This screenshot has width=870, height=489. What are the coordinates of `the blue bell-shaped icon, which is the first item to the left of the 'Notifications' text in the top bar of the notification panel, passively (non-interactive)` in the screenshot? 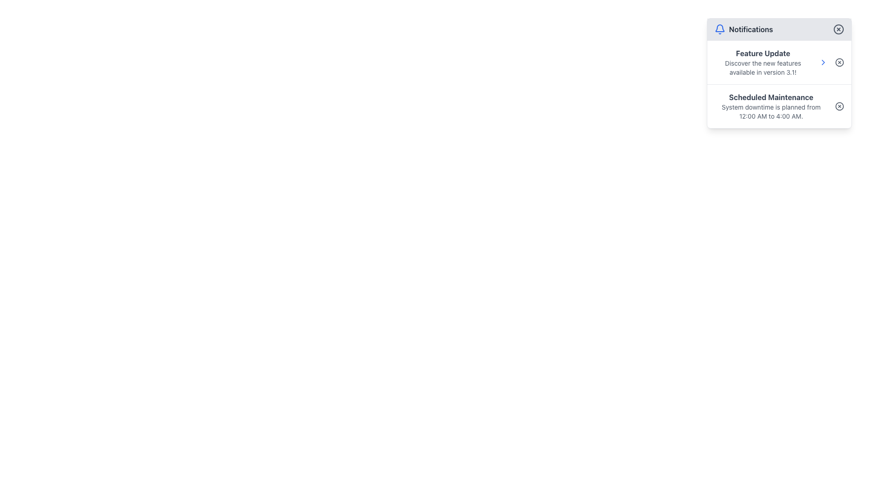 It's located at (719, 29).